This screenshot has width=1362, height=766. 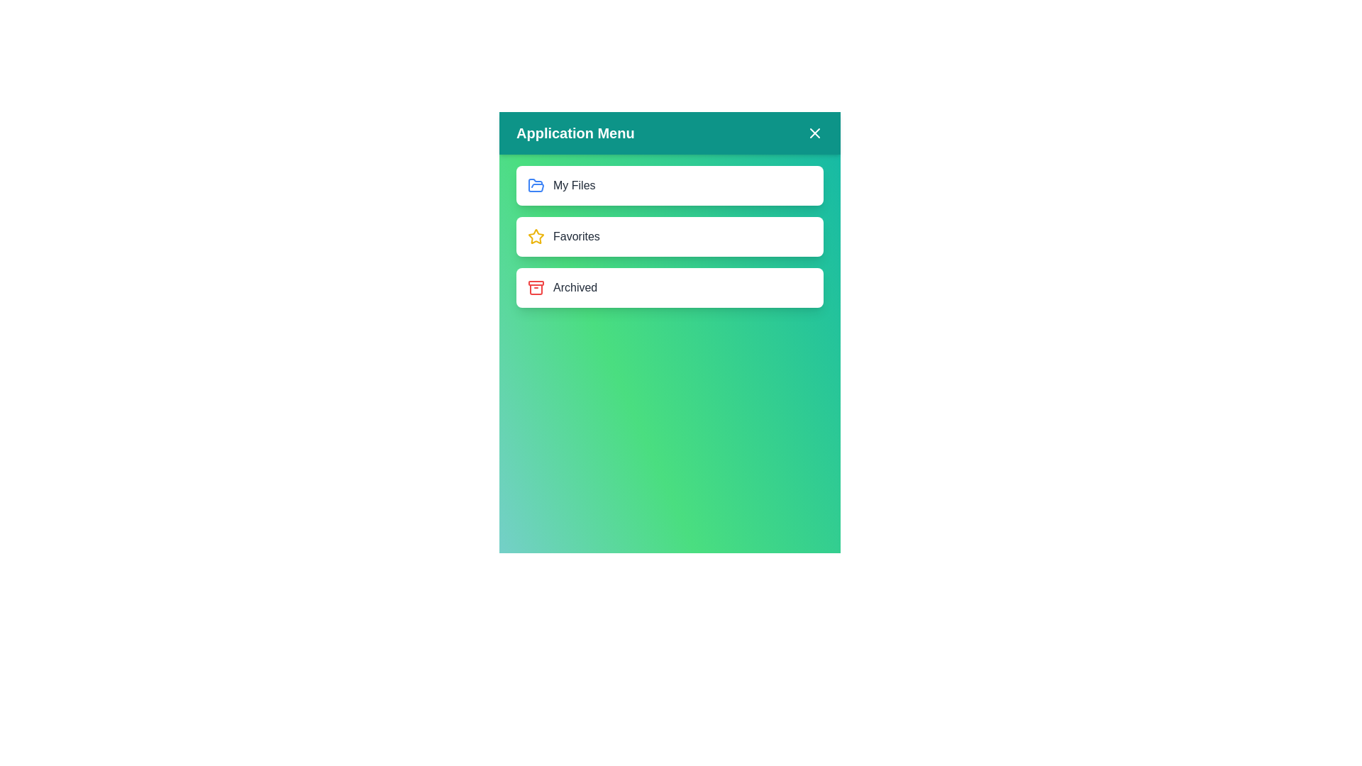 What do you see at coordinates (814, 133) in the screenshot?
I see `menu toggle button to toggle the menu visibility` at bounding box center [814, 133].